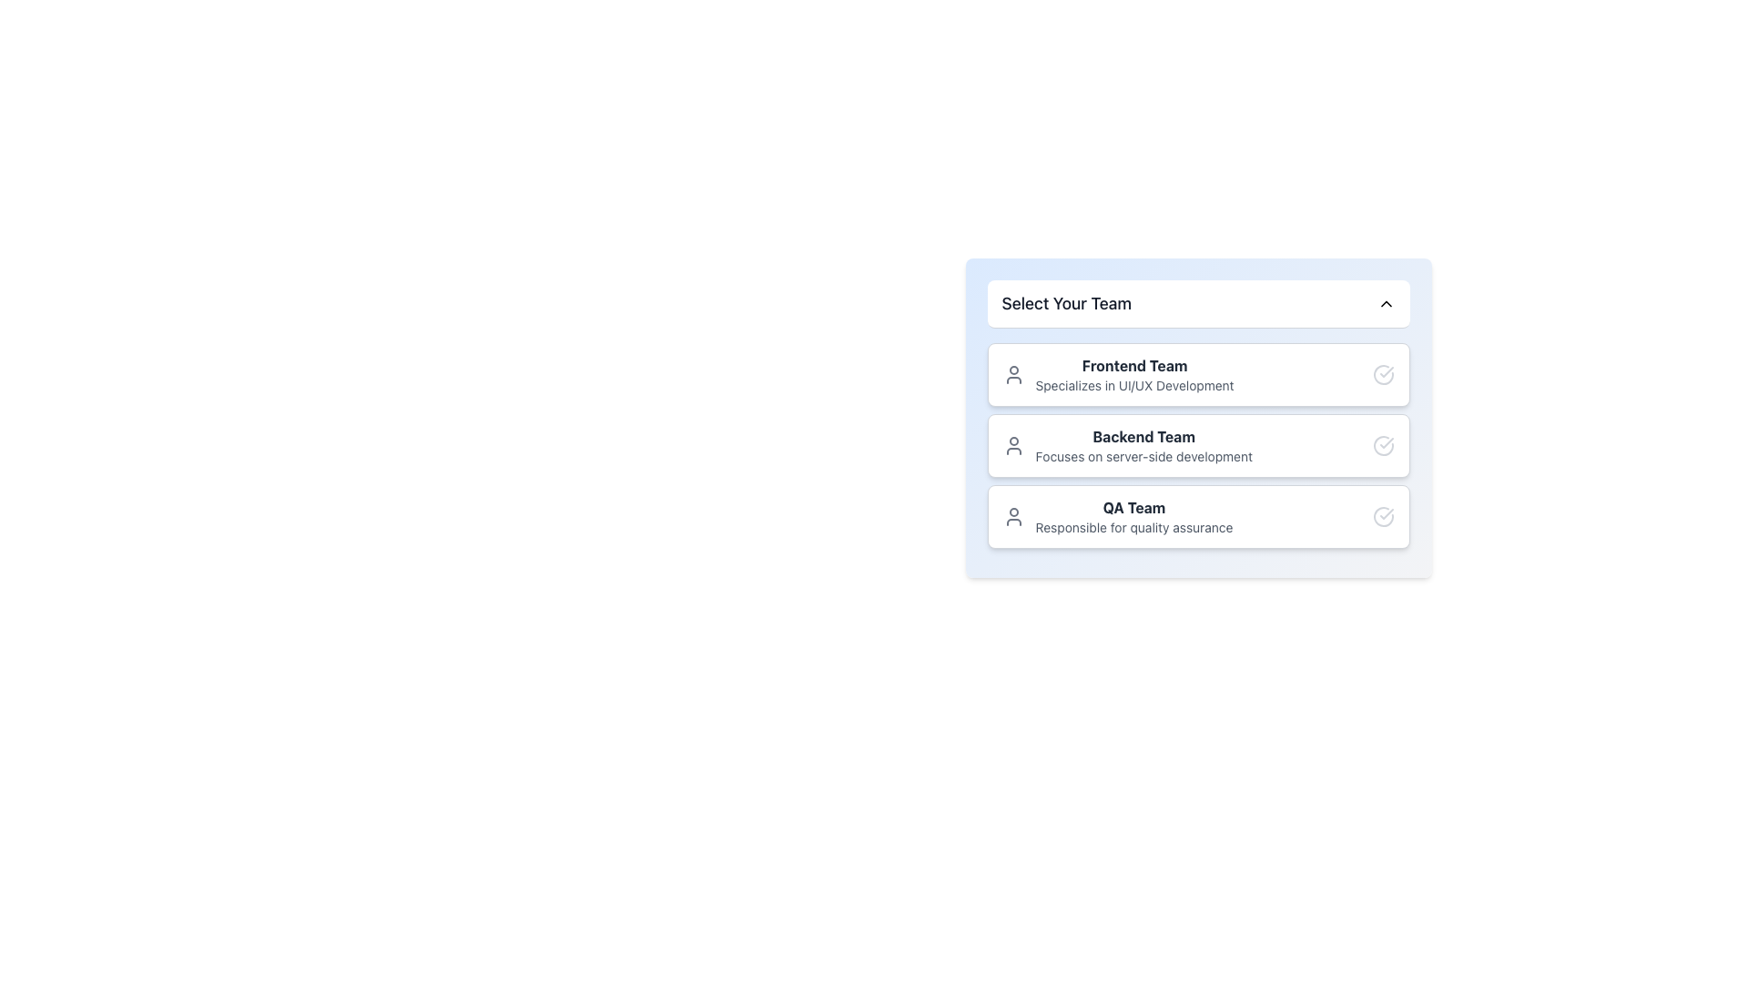 The width and height of the screenshot is (1748, 983). I want to click on the text block displaying 'Frontend Team' and 'Specializes in UI/UX Development', which is the first item in a vertical list of team options, so click(1133, 374).